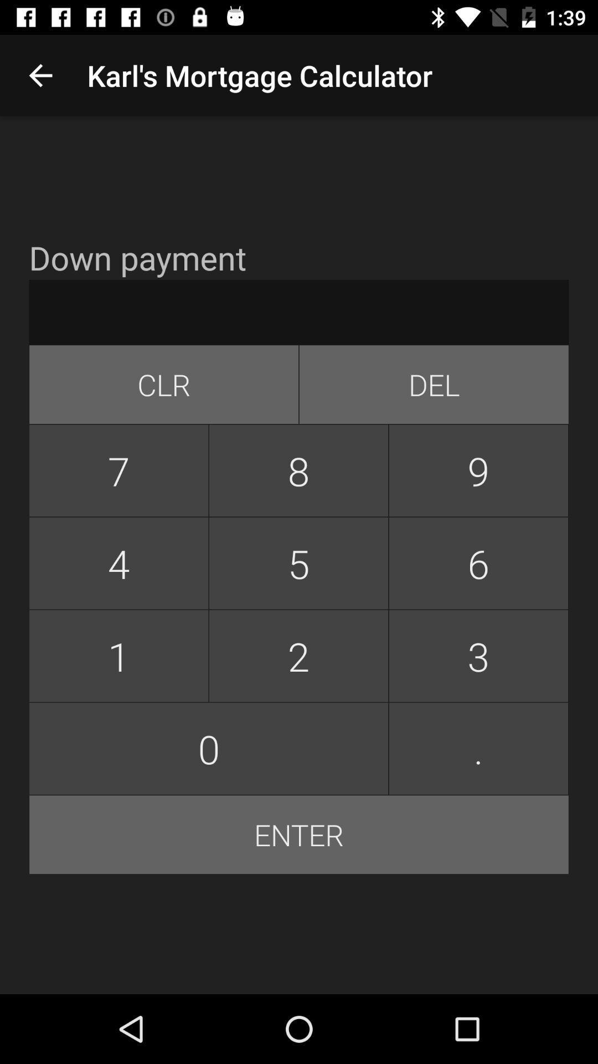  Describe the element at coordinates (118, 656) in the screenshot. I see `button below 4 button` at that location.